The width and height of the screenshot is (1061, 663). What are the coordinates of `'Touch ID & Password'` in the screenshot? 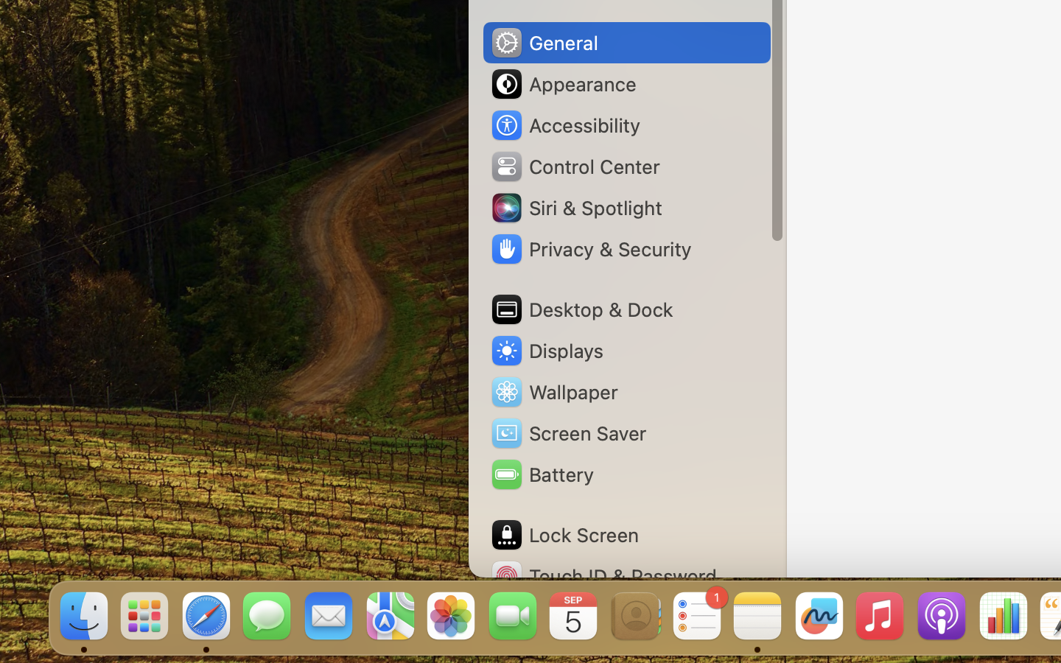 It's located at (603, 575).